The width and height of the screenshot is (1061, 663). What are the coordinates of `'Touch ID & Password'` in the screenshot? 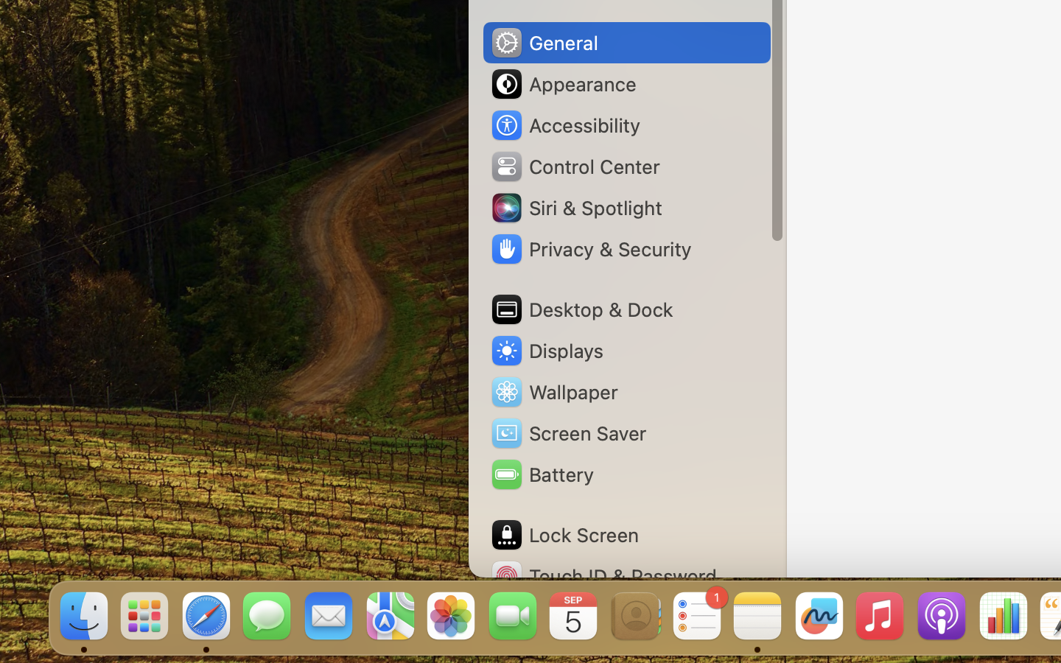 It's located at (603, 575).